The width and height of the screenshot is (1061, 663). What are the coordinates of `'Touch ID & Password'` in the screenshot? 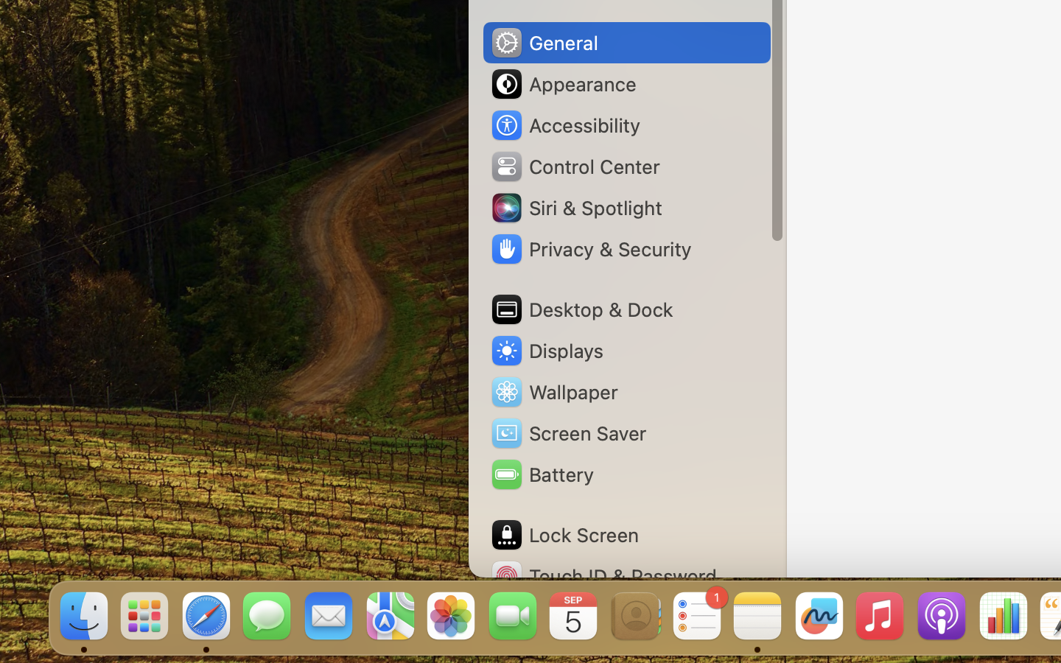 It's located at (603, 575).